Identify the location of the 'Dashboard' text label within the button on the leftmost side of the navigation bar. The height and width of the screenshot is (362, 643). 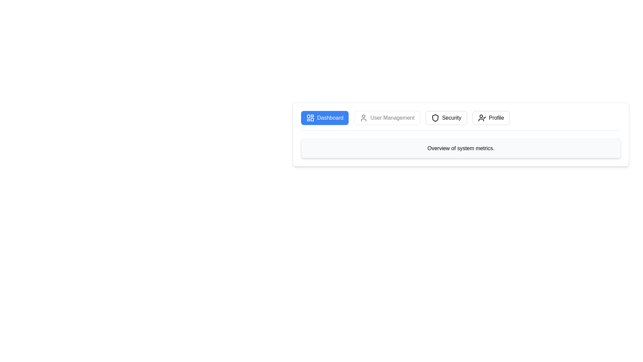
(330, 117).